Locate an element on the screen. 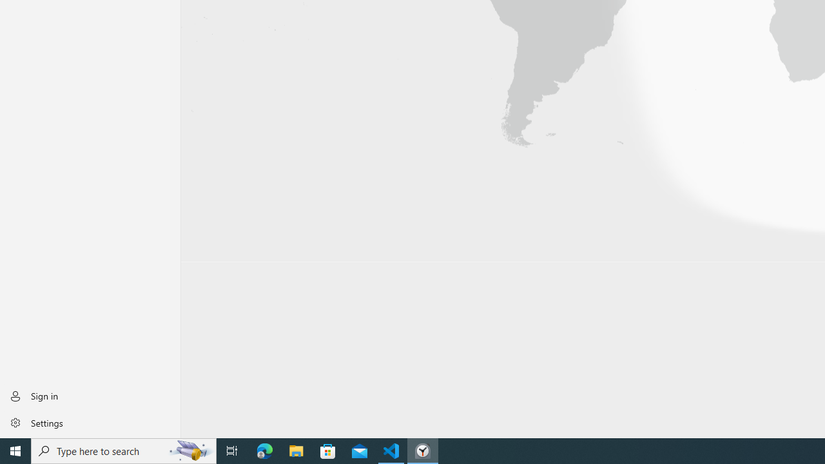 The image size is (825, 464). 'Clock - 1 running window' is located at coordinates (423, 450).